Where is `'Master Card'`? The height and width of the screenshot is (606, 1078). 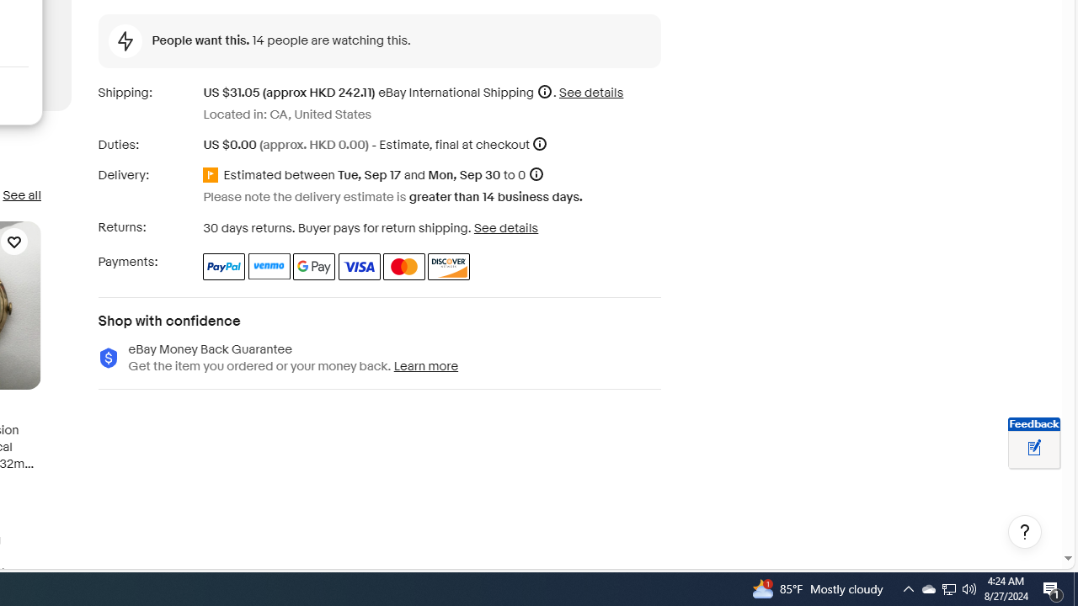
'Master Card' is located at coordinates (404, 265).